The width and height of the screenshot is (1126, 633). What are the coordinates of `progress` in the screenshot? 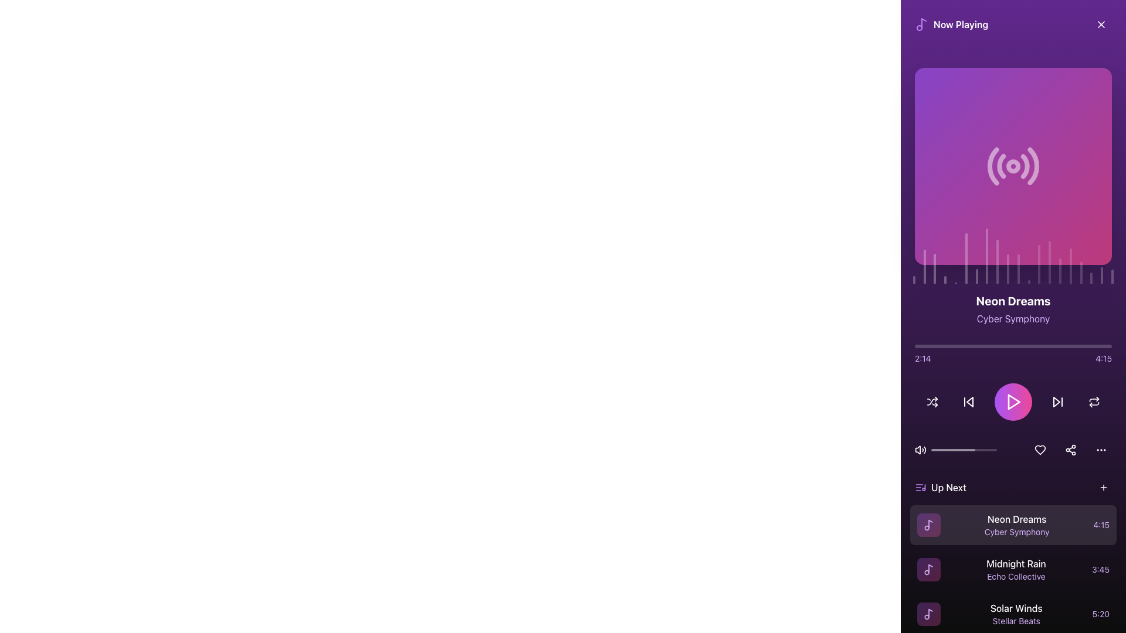 It's located at (960, 345).